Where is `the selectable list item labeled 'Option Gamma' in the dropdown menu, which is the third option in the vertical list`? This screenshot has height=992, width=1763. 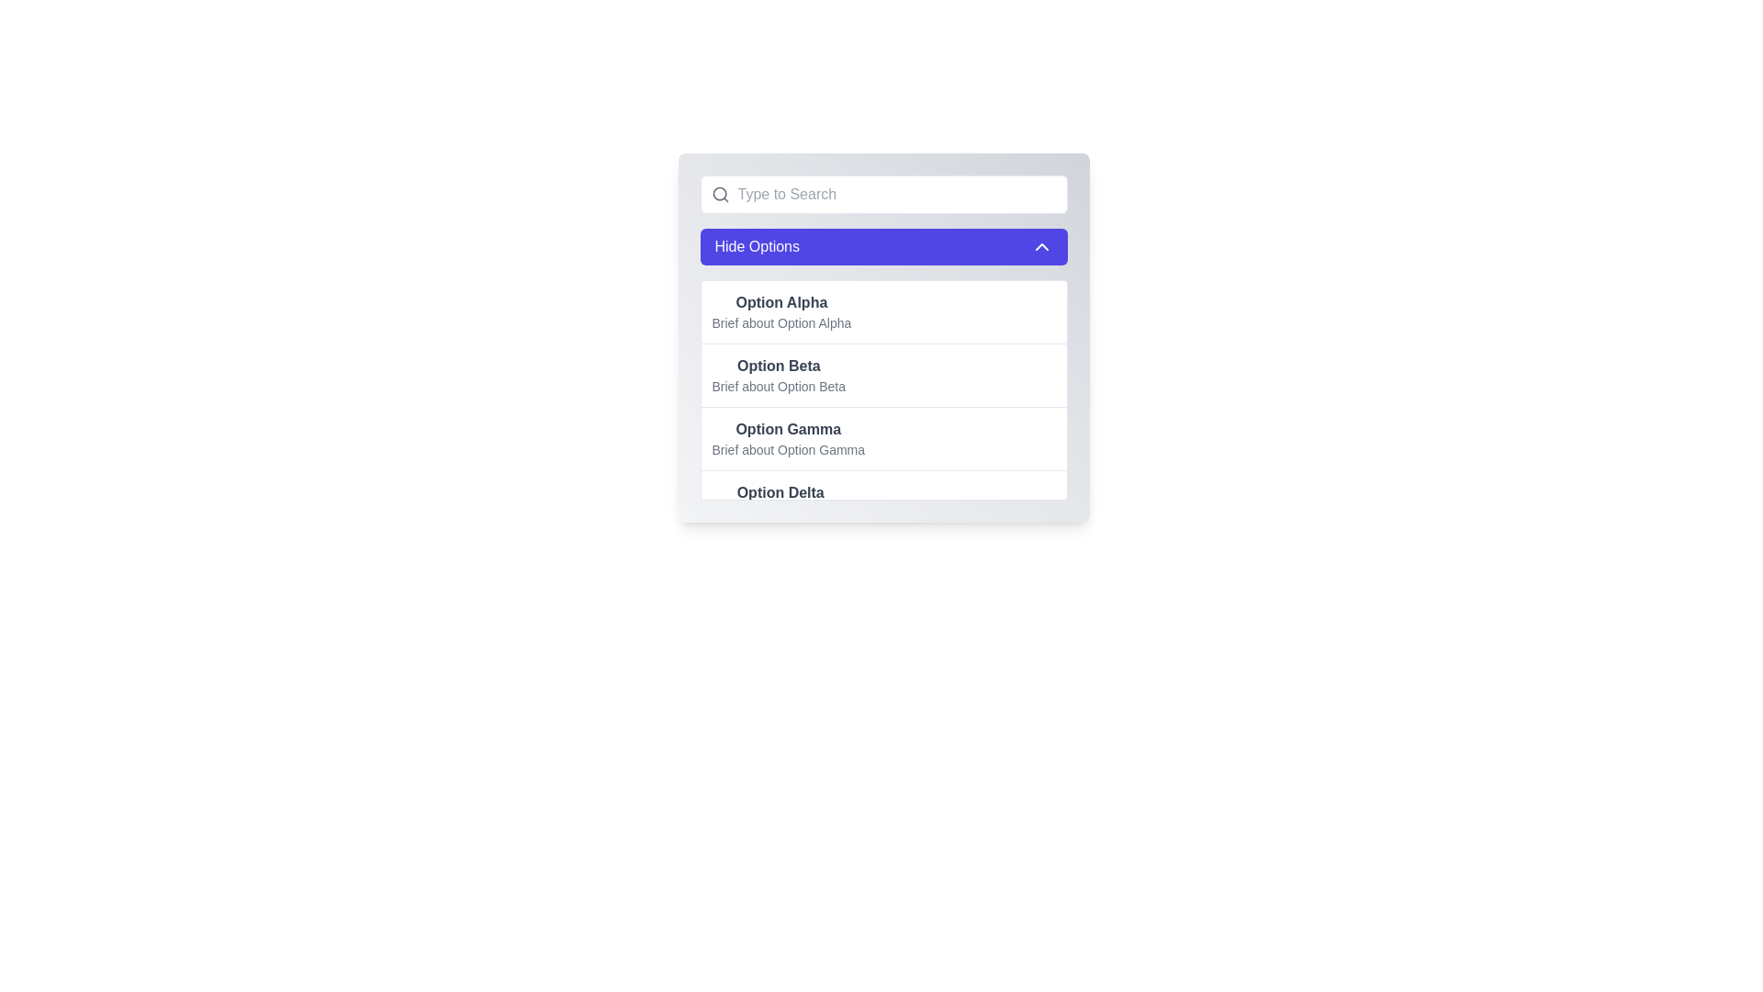
the selectable list item labeled 'Option Gamma' in the dropdown menu, which is the third option in the vertical list is located at coordinates (883, 438).